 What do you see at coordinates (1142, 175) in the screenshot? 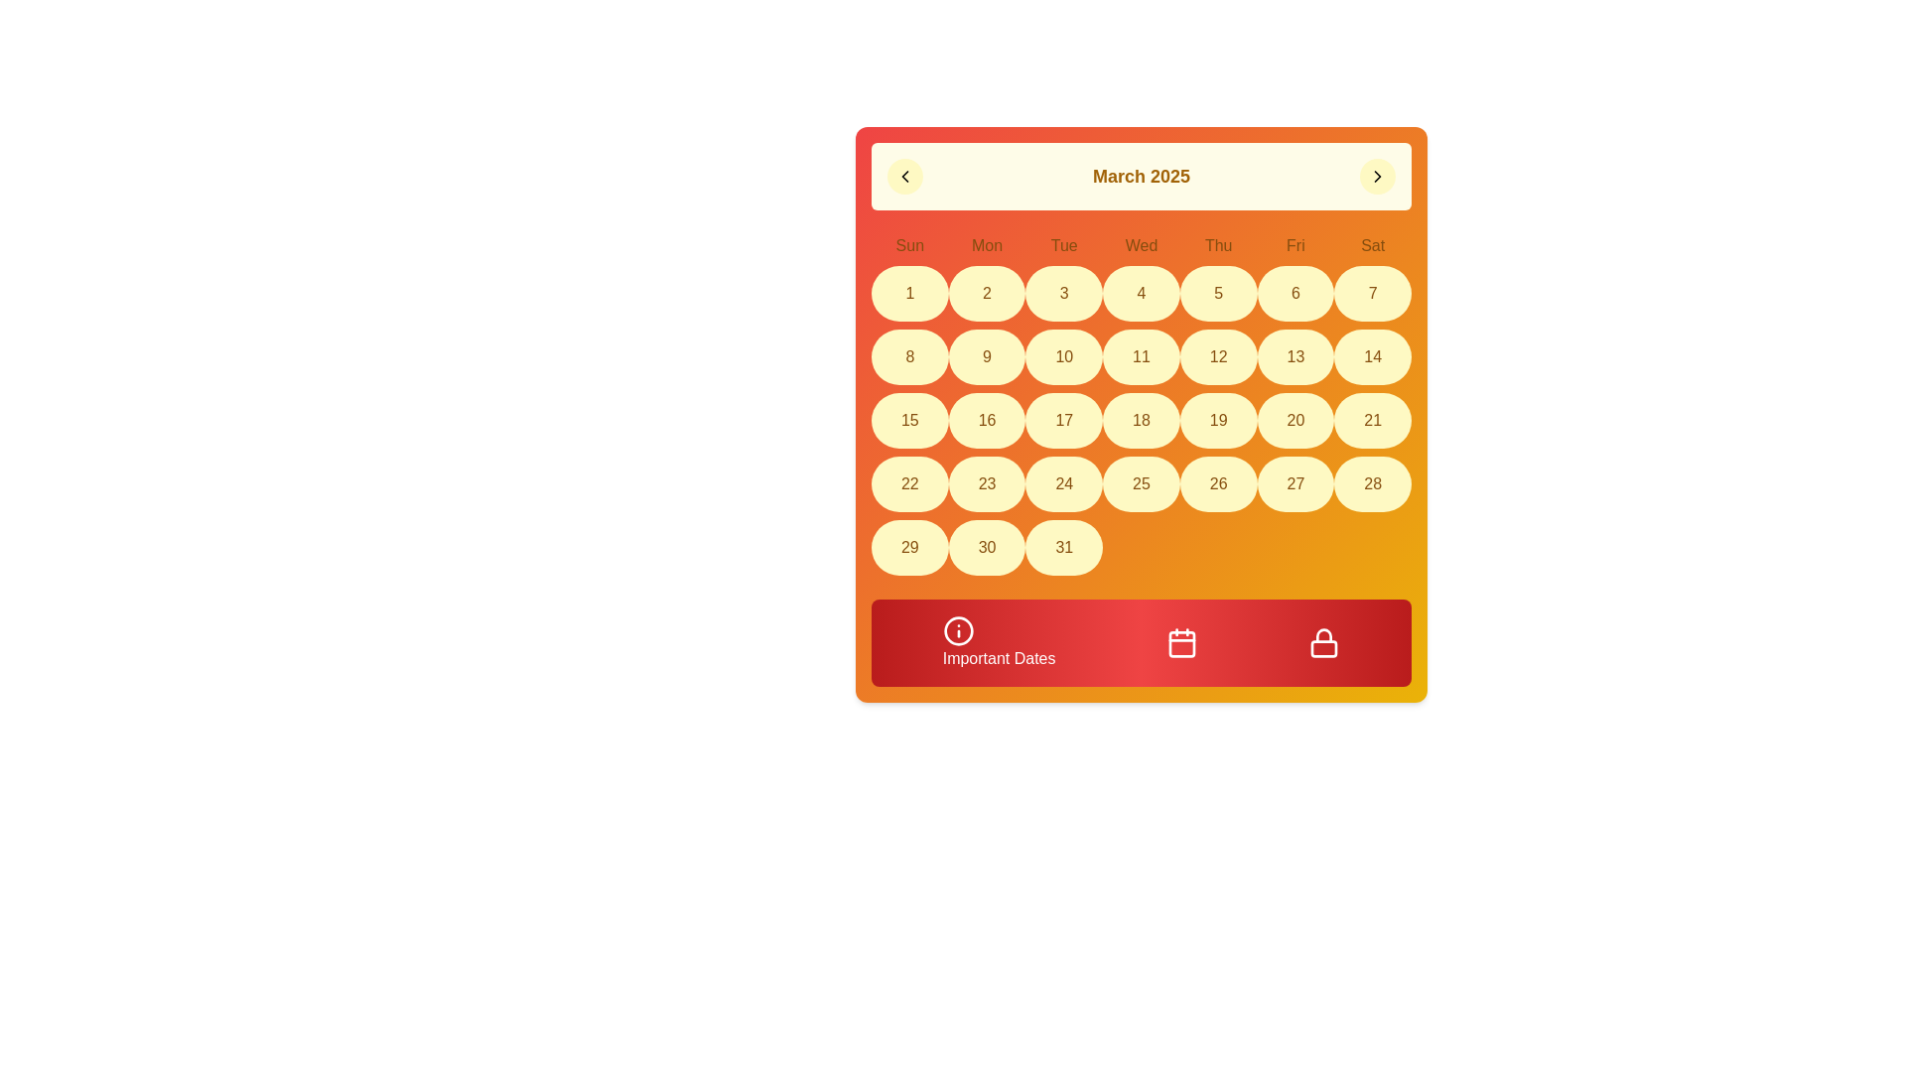
I see `the header displaying the text 'March 2025', which is styled with a bold font and yellow color, located at the top-center of the calendar interface` at bounding box center [1142, 175].